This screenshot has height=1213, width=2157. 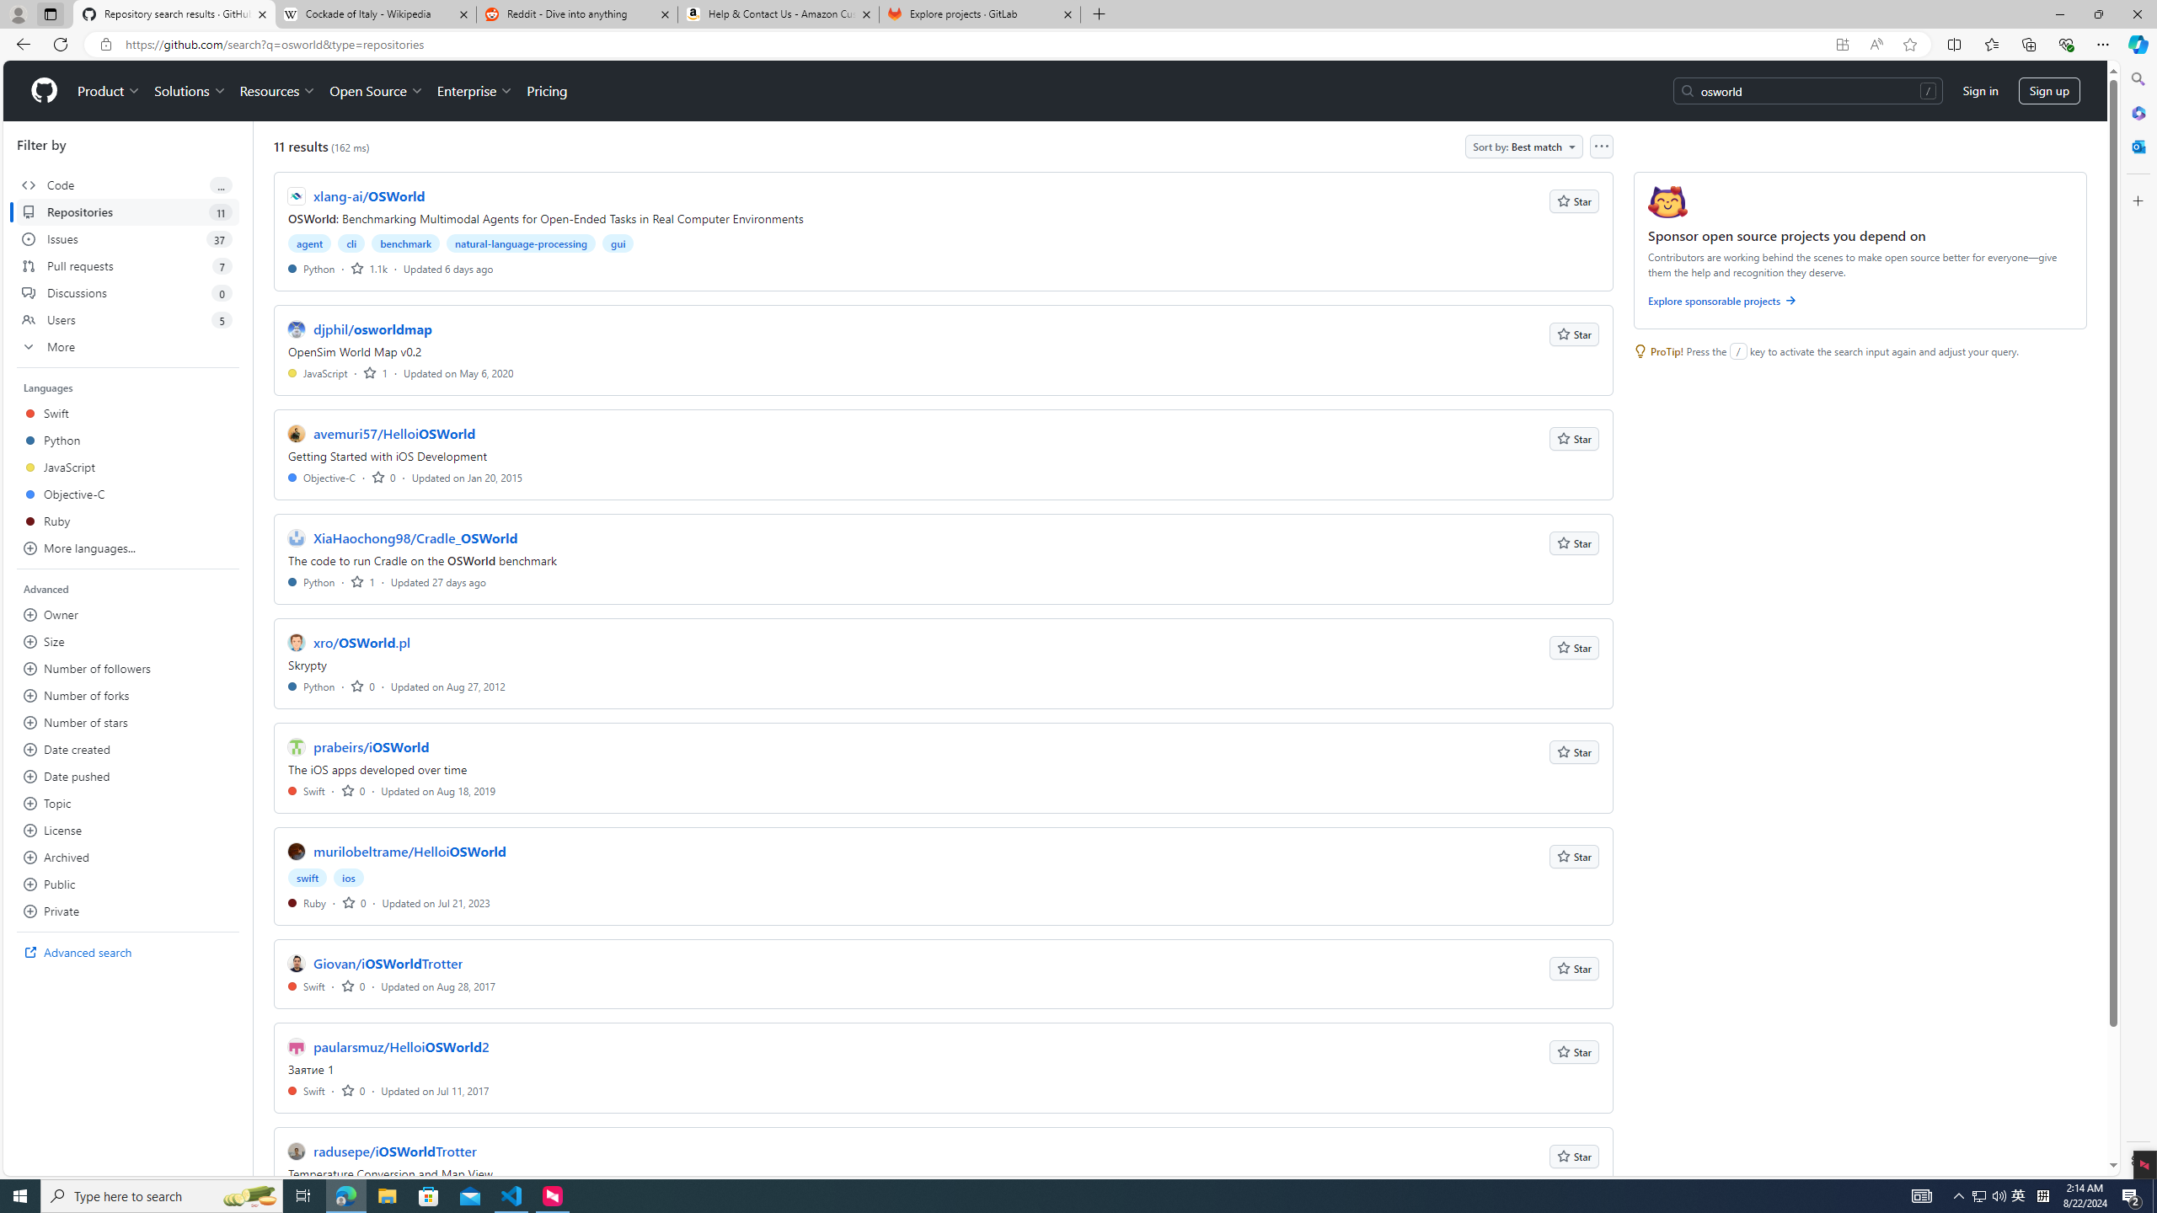 I want to click on 'JavaScript', so click(x=317, y=371).